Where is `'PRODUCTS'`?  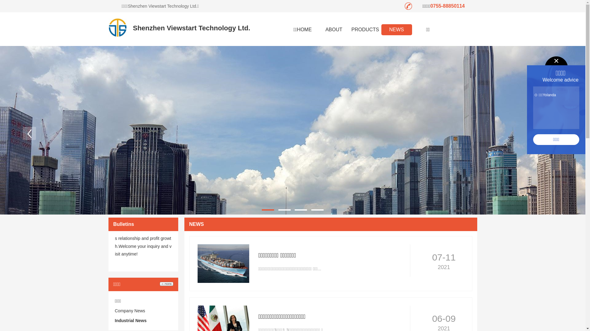
'PRODUCTS' is located at coordinates (365, 29).